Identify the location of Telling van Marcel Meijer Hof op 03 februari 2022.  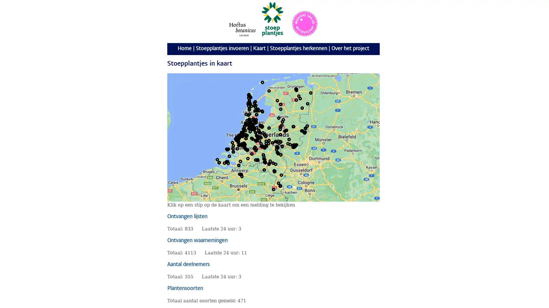
(304, 132).